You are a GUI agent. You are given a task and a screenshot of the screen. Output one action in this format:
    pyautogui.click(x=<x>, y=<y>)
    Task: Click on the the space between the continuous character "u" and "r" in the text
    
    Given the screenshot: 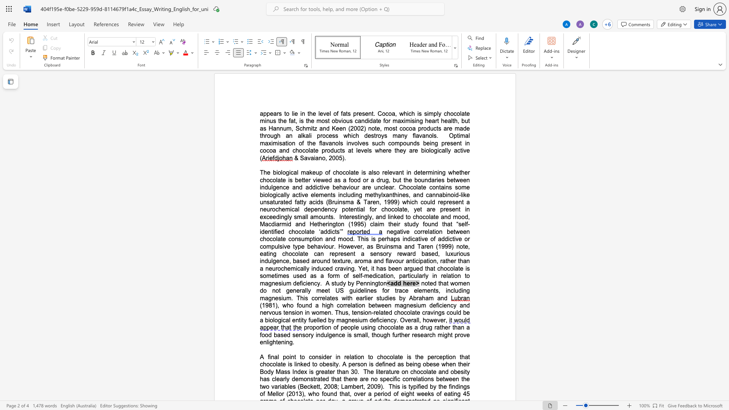 What is the action you would take?
    pyautogui.click(x=331, y=246)
    